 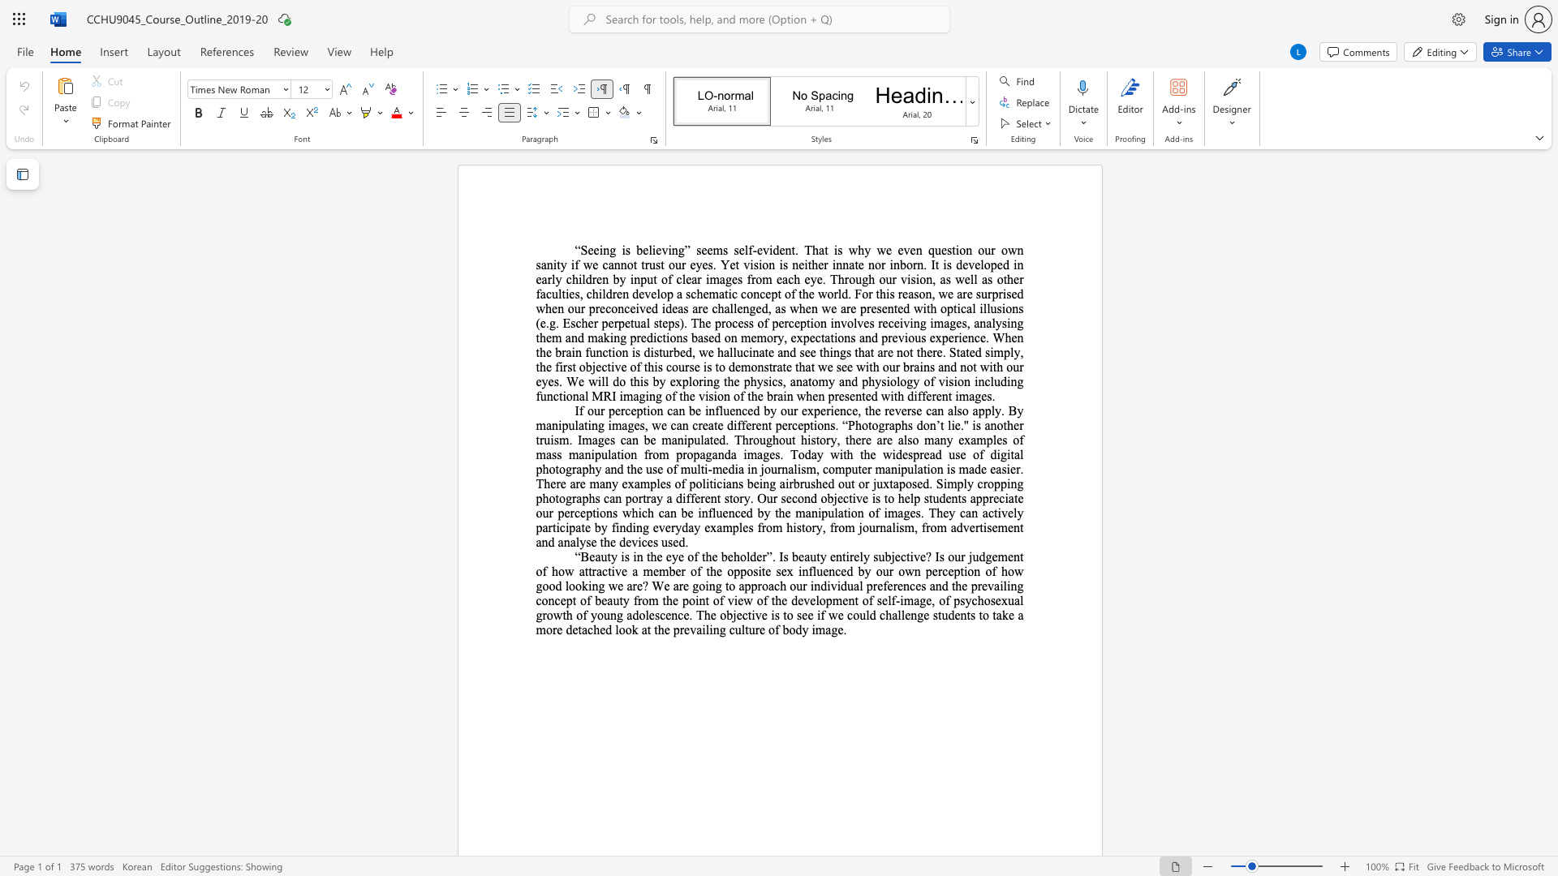 I want to click on the subset text "f we cannot trust our eyes. Yet vision is neither innate nor inborn. It is developed in early children by input of clear images from each eye. Through our vision, as well as other faculties, children develop a schematic concept of the world. For this reason, we are surprised when our preconceived ideas are challenged, as when we are presented with optical illusions (e.g. Escher perpetual steps). The process of perception involves receiving images, analysing them and making predictions based on memory, expectations and previous experience. When the brain function is disturbed, we hallucinate and see things that are not there. Stated simply, the first objective of this course is to demonstrate that we see with our brains and not with our eyes. We will do this by exploring the physics, anatomy and physiology of vision including functional MRI imaging of the vision of the brain when presen" within the text "Seeing is believing” seems self-evident. That is why we even question our own sanity if we cannot trust our eyes. Yet vision is neither innate nor inborn. It is developed in early children by input of clear images from each eye. Through our vision, as well as other faculties, children develop a schematic concept of the world. For this reason, we are surprised when our preconceived ideas are challenged, as when we are presented with optical illusions (e.g. Escher perpetual steps). The process of perception involves receiving images, analysing them and making predictions based on memory, expectations and previous experience. When the brain function is disturbed, we hallucinate and see things that are not there. Stated simply, the first objective of this course is to demonstrate that we see with our brains and not with our eyes. We will do this by exploring the physics, anatomy and physiology of vision including functional MRI imaging of the vision of the brain when presented with different images.", so click(x=575, y=264).